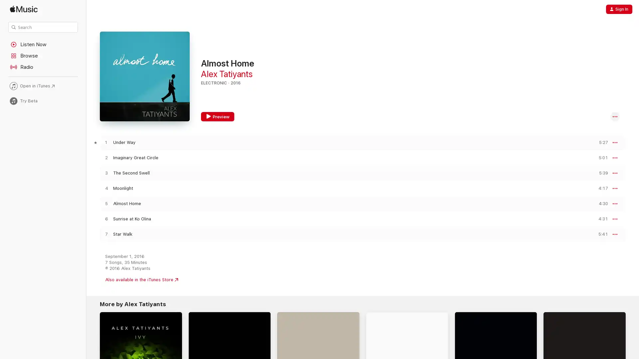 Image resolution: width=639 pixels, height=359 pixels. What do you see at coordinates (615, 116) in the screenshot?
I see `More` at bounding box center [615, 116].